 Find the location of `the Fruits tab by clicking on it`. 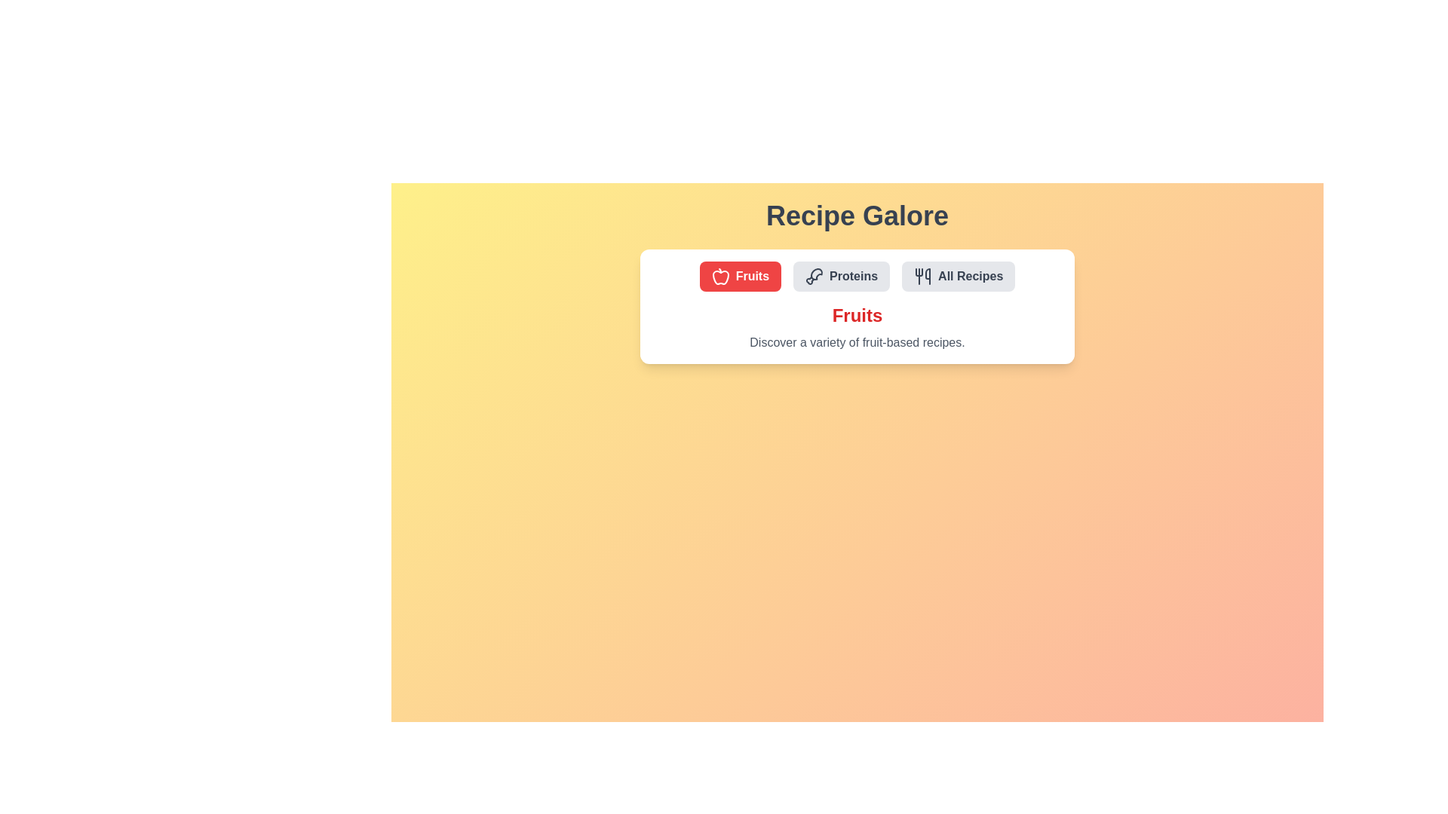

the Fruits tab by clicking on it is located at coordinates (740, 276).